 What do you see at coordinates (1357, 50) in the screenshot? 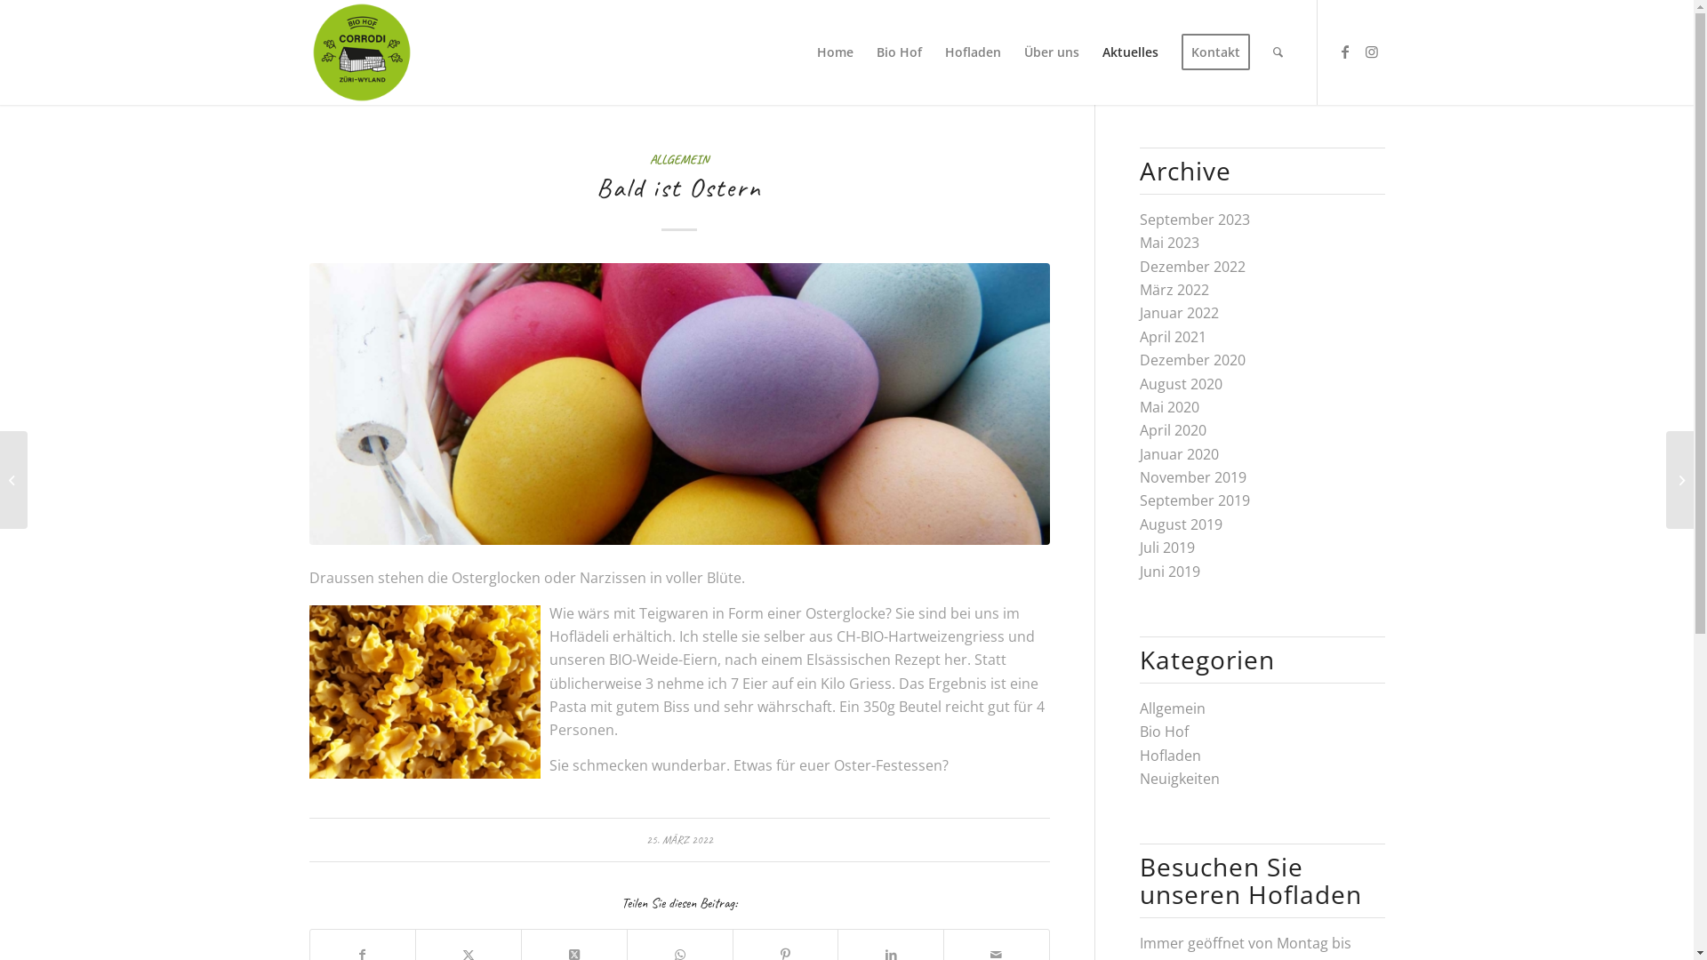
I see `'Instagram'` at bounding box center [1357, 50].